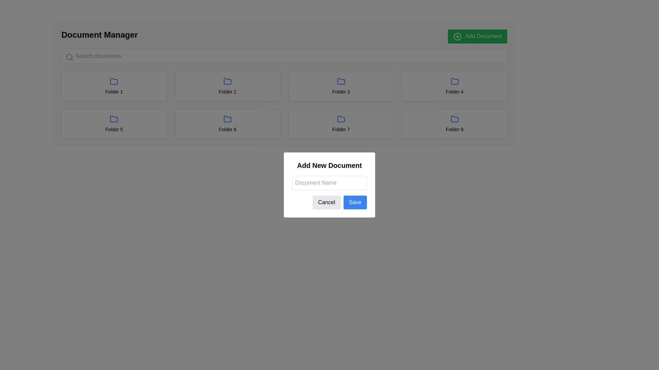  I want to click on the text label displaying 'Folder 8', which is centered below a folder icon in the second row, fourth column of a grid, so click(454, 129).